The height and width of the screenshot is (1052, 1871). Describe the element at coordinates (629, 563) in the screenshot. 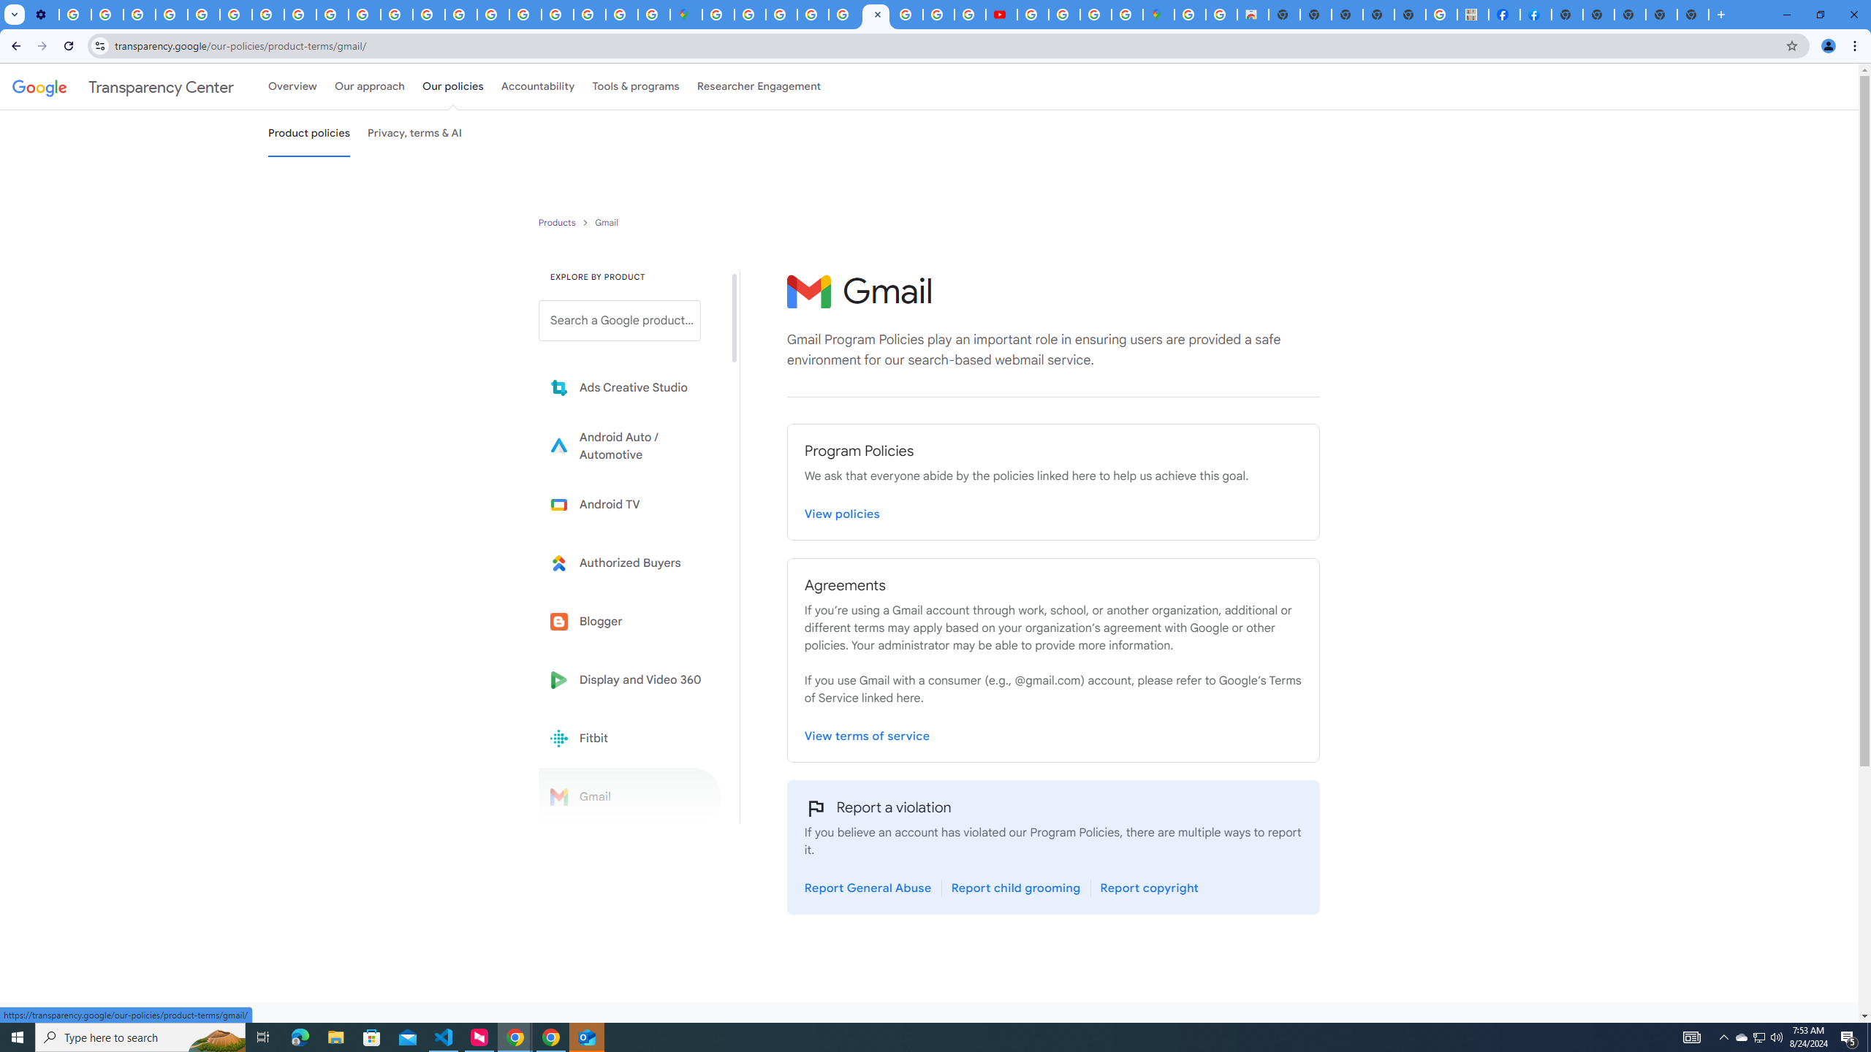

I see `'Learn more about Authorized Buyers'` at that location.